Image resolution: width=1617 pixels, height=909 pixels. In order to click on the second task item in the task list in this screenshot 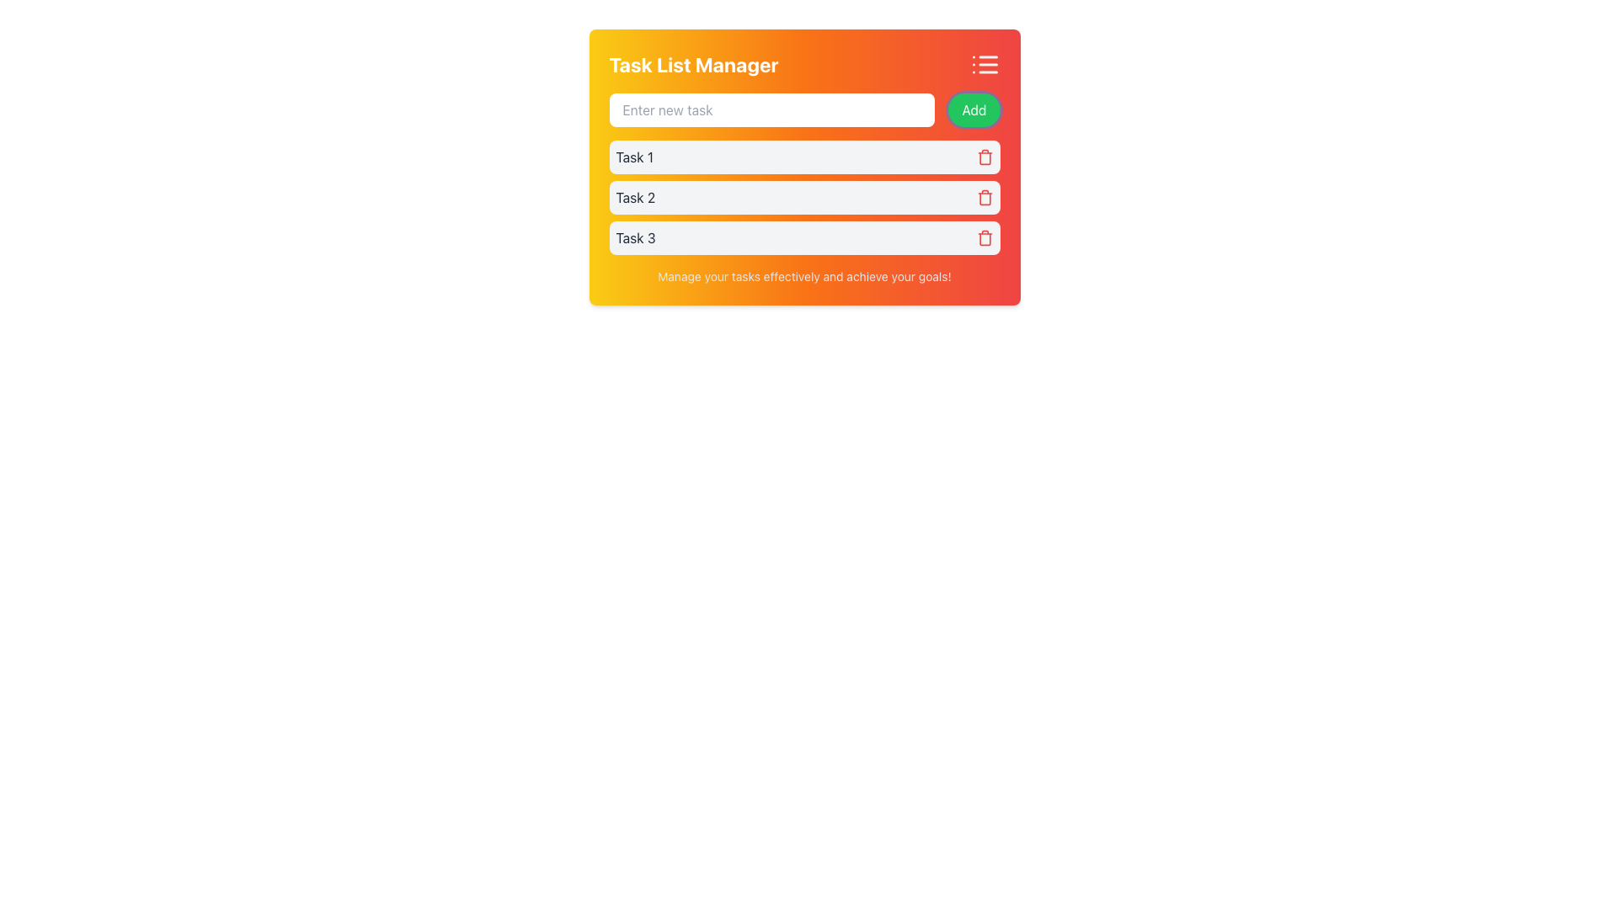, I will do `click(803, 197)`.